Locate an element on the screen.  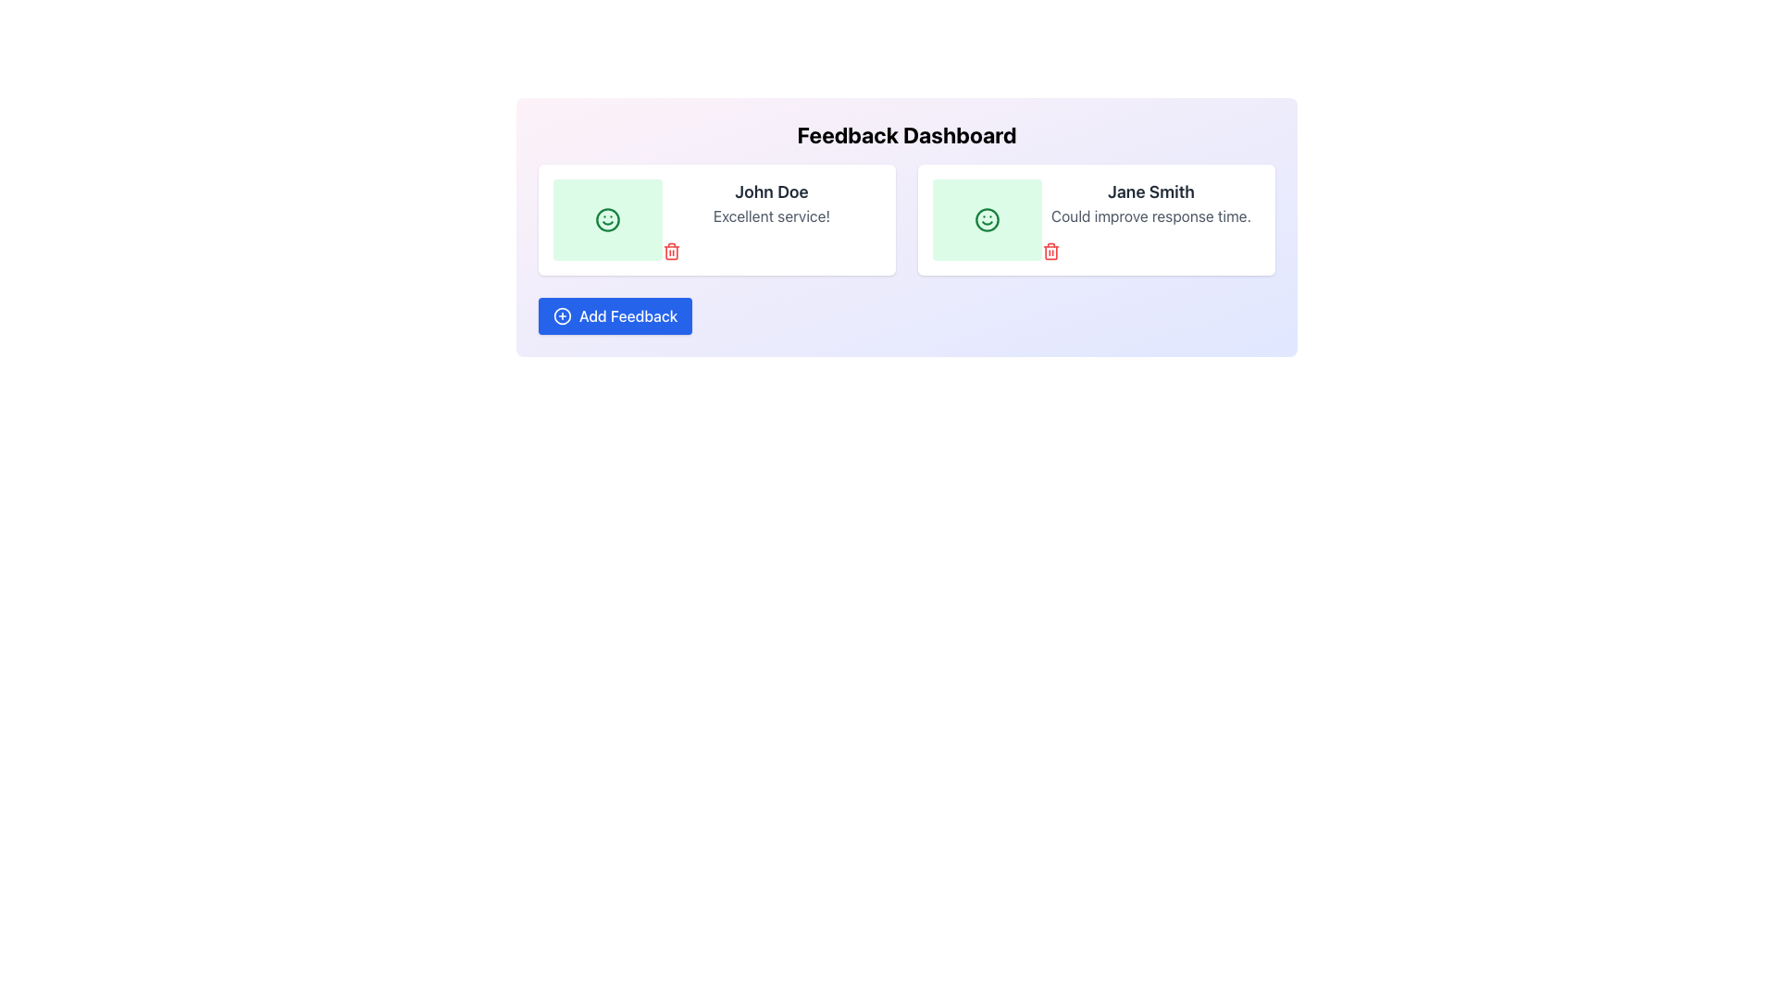
the red trash bin-shaped icon button located in the bottom-right portion of the second card in the feedback dashboard is located at coordinates (1051, 252).